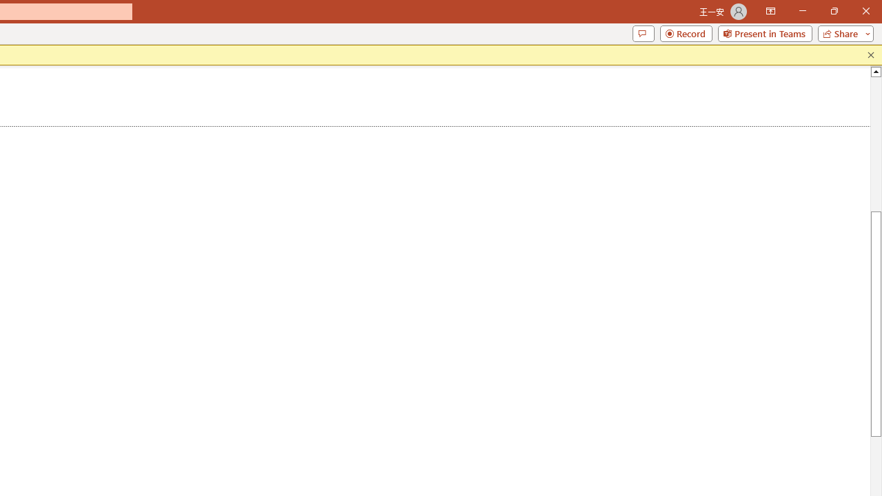  What do you see at coordinates (642, 32) in the screenshot?
I see `'Comments'` at bounding box center [642, 32].